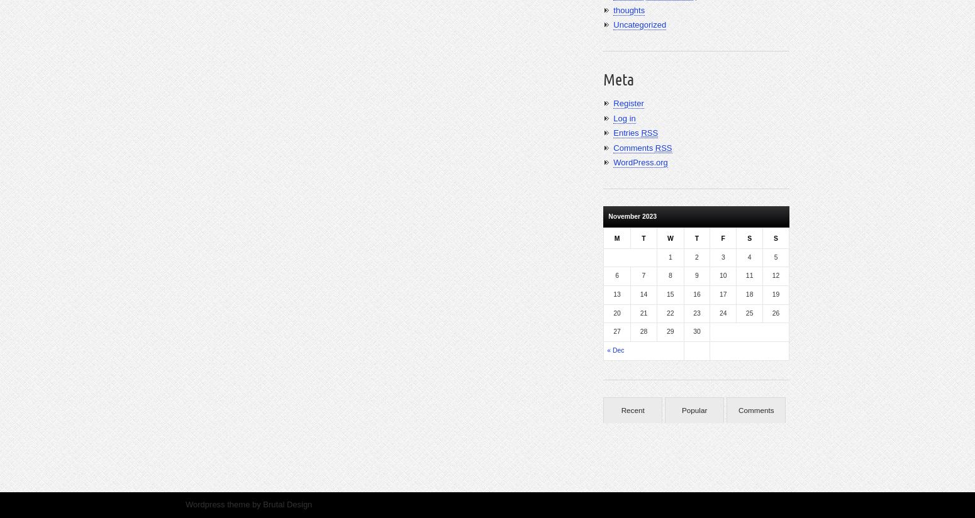  Describe the element at coordinates (632, 216) in the screenshot. I see `'November 2023'` at that location.